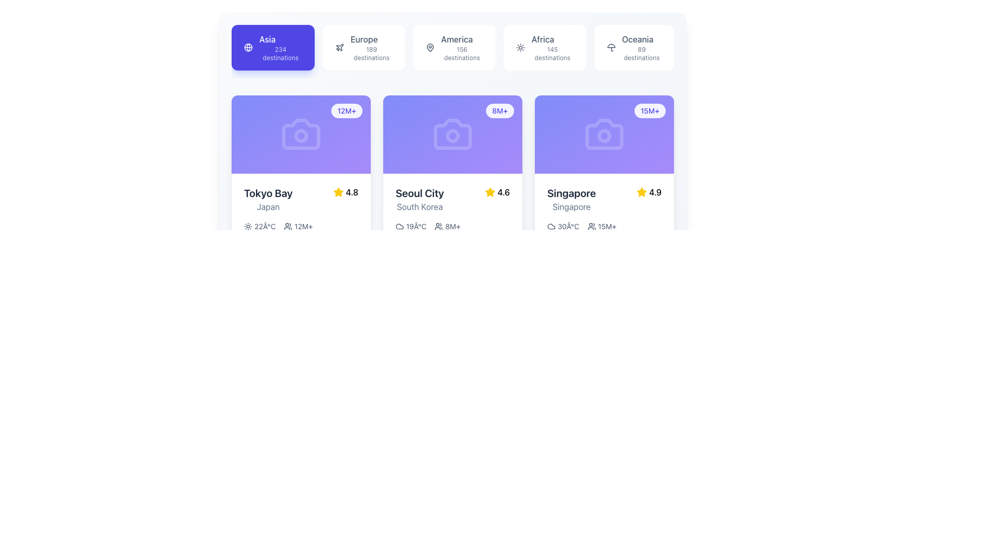 This screenshot has height=560, width=997. Describe the element at coordinates (340, 47) in the screenshot. I see `the travel icon representing the Europe region, located at the top section of the interface next to the text 'Europe'` at that location.